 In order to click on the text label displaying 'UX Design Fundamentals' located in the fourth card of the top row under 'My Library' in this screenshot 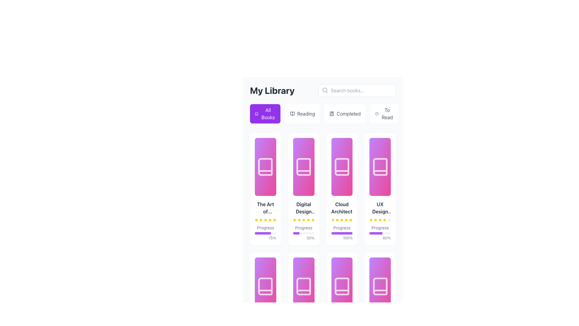, I will do `click(380, 208)`.